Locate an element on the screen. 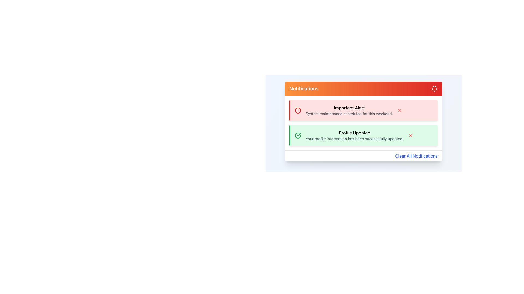 This screenshot has height=294, width=524. text label that informs the user about a scheduled system maintenance event, located within the red-alert notification box under the header 'Important Alert' is located at coordinates (349, 113).